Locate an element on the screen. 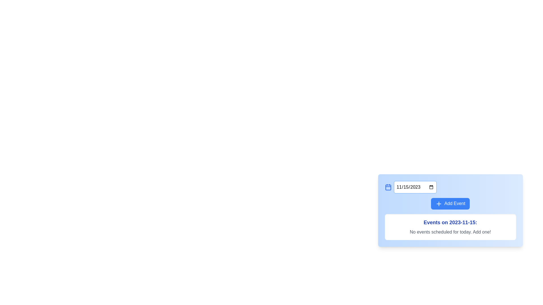  the 'Add Event' button located centrally below the date picker and to the right of the calendar icon for keyboard interaction is located at coordinates (450, 204).